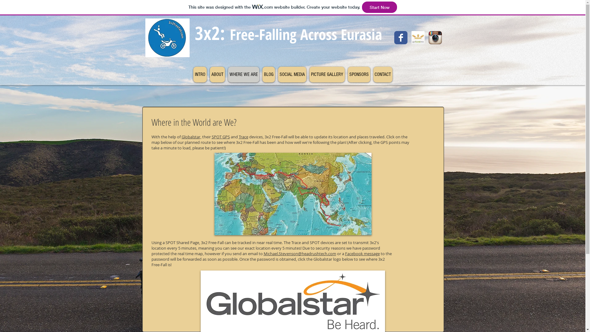 The width and height of the screenshot is (590, 332). I want to click on 'WHERE WE ARE', so click(228, 74).